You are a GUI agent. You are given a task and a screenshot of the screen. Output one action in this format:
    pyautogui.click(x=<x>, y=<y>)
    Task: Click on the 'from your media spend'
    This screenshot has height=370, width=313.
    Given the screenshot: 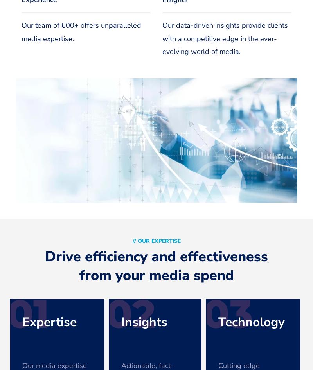 What is the action you would take?
    pyautogui.click(x=156, y=275)
    